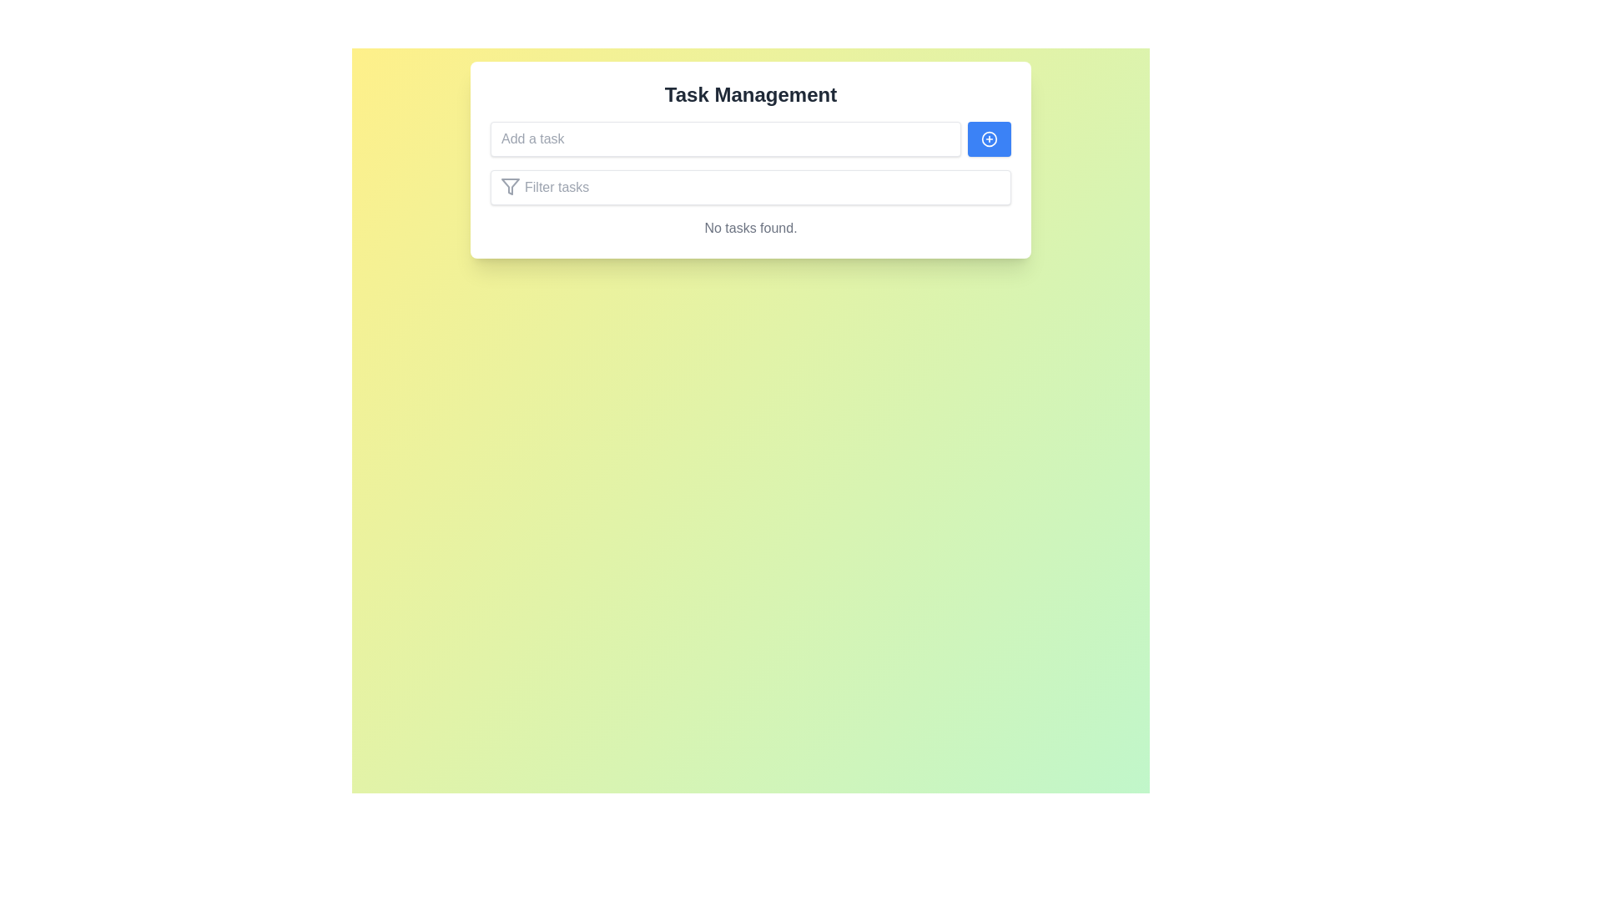  What do you see at coordinates (989, 138) in the screenshot?
I see `the circular '+' icon within the blue button on the far-right side of the task input field in the 'Task Management' card interface to trigger tooltip or visual feedback` at bounding box center [989, 138].